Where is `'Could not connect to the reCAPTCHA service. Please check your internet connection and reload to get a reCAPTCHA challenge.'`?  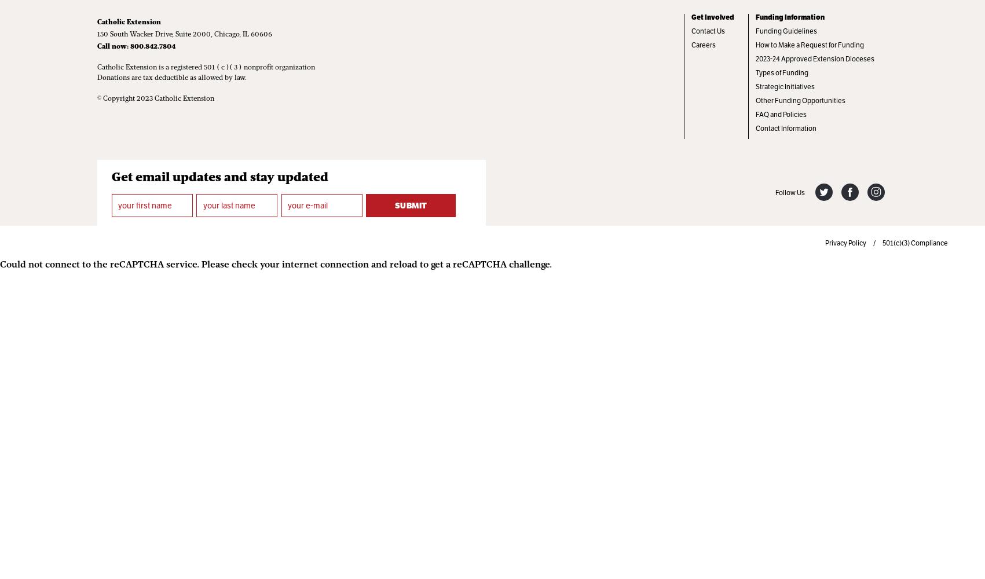
'Could not connect to the reCAPTCHA service. Please check your internet connection and reload to get a reCAPTCHA challenge.' is located at coordinates (275, 265).